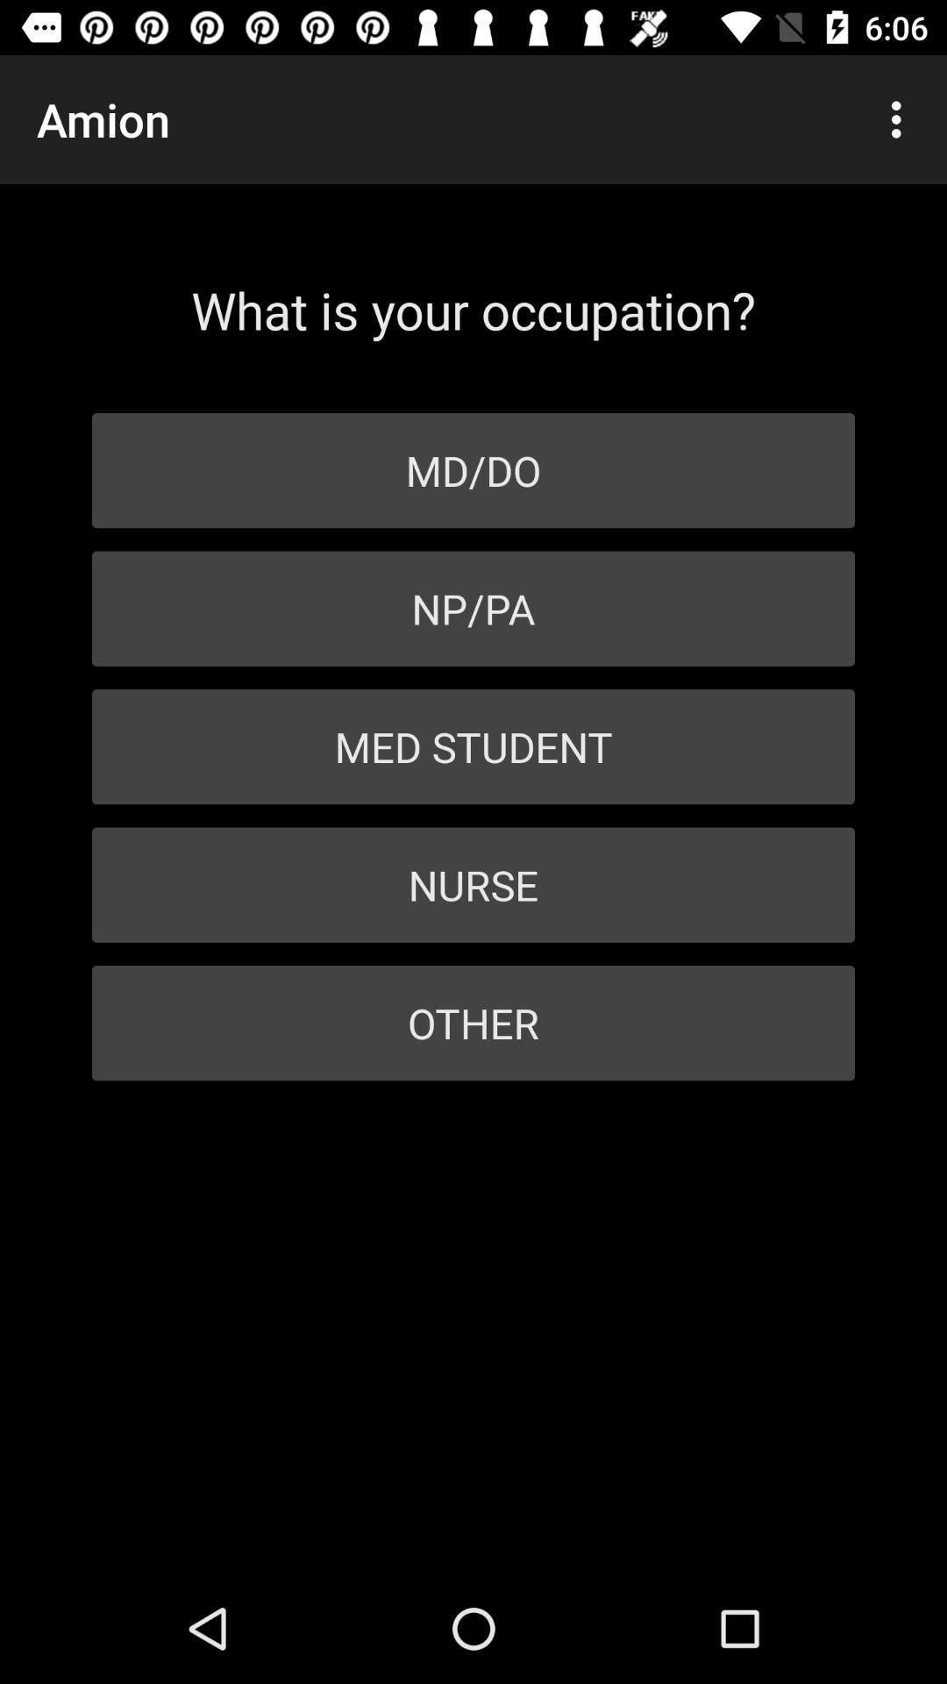 The image size is (947, 1684). Describe the element at coordinates (473, 885) in the screenshot. I see `icon below the med student item` at that location.